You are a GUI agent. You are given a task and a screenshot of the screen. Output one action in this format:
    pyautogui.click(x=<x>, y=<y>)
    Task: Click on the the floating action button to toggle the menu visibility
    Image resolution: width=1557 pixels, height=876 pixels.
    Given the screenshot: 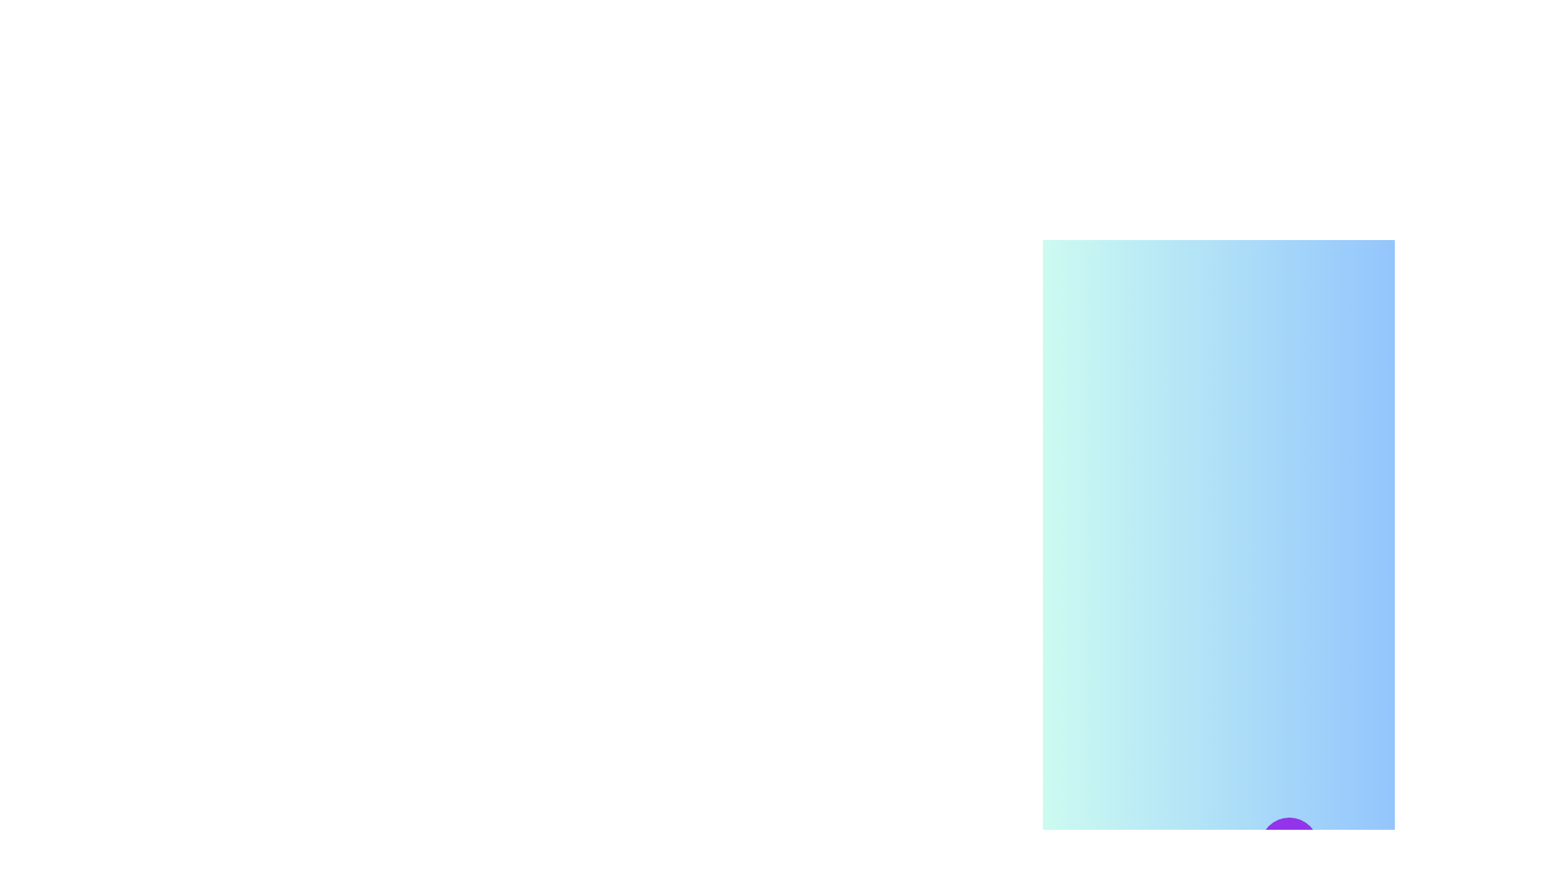 What is the action you would take?
    pyautogui.click(x=1289, y=846)
    